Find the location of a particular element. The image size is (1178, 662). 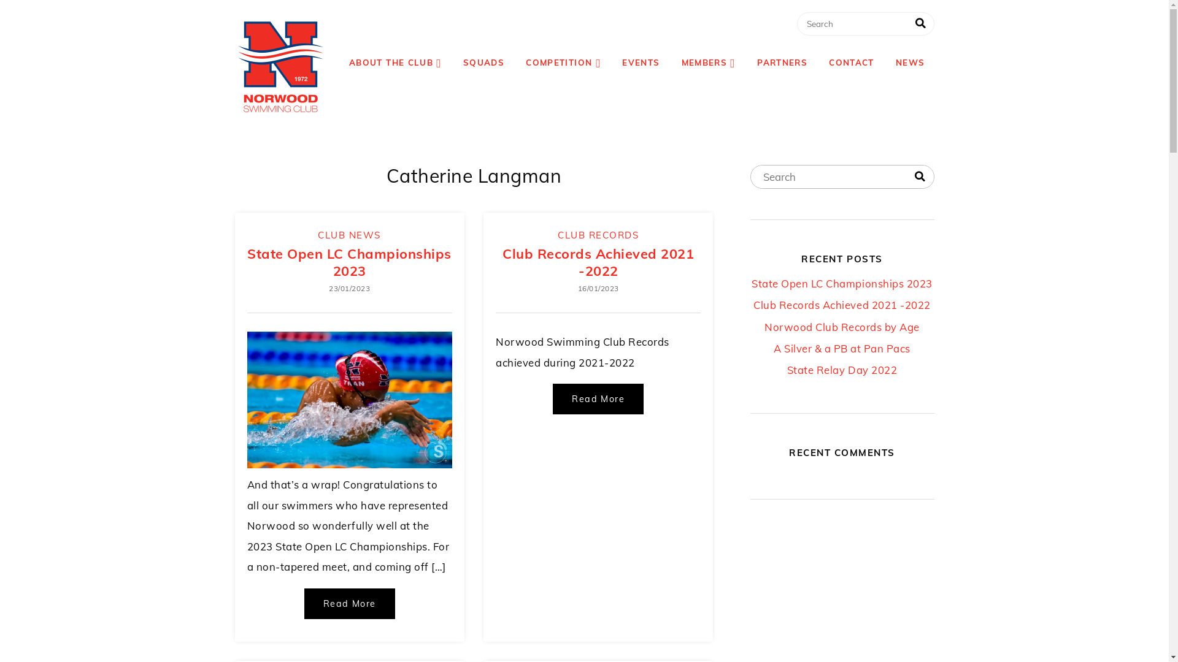

'COMPETITION' is located at coordinates (562, 62).